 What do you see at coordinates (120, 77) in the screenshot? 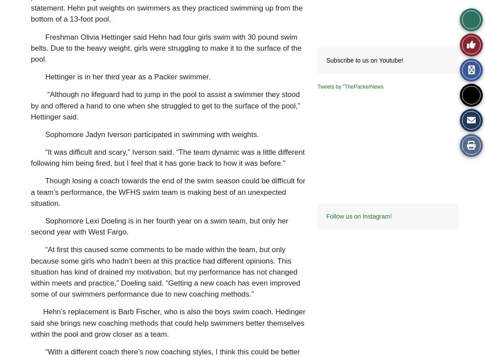
I see `'Hettinger is in her third year as a Packer swimmer.'` at bounding box center [120, 77].